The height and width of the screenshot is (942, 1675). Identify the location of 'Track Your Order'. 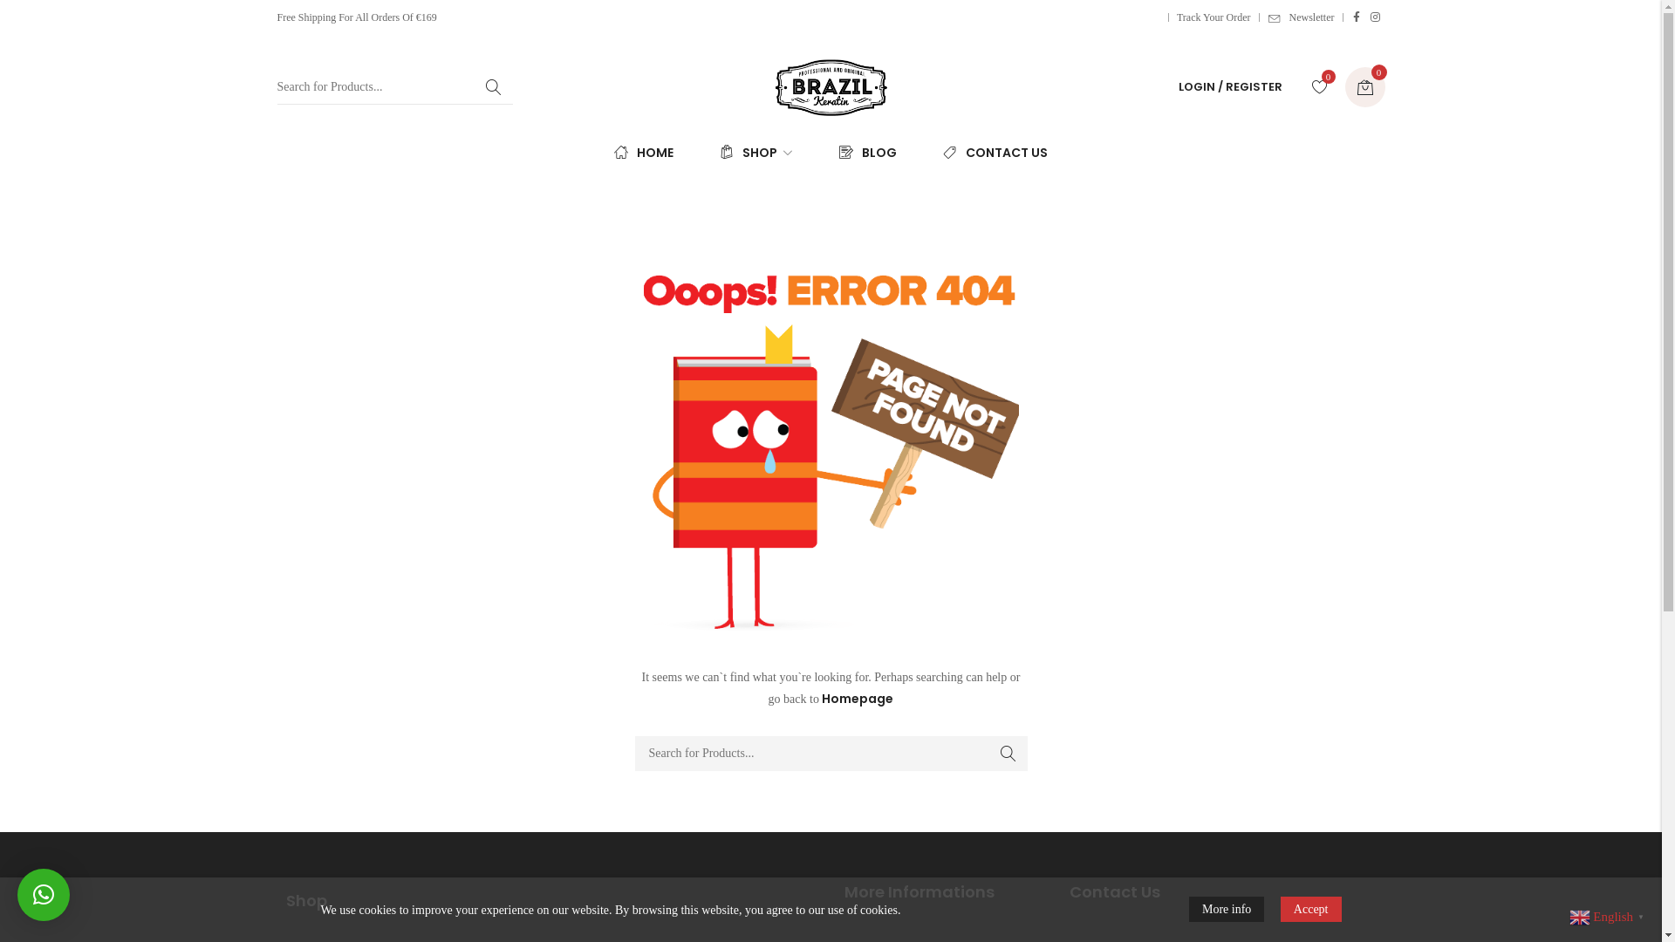
(1213, 17).